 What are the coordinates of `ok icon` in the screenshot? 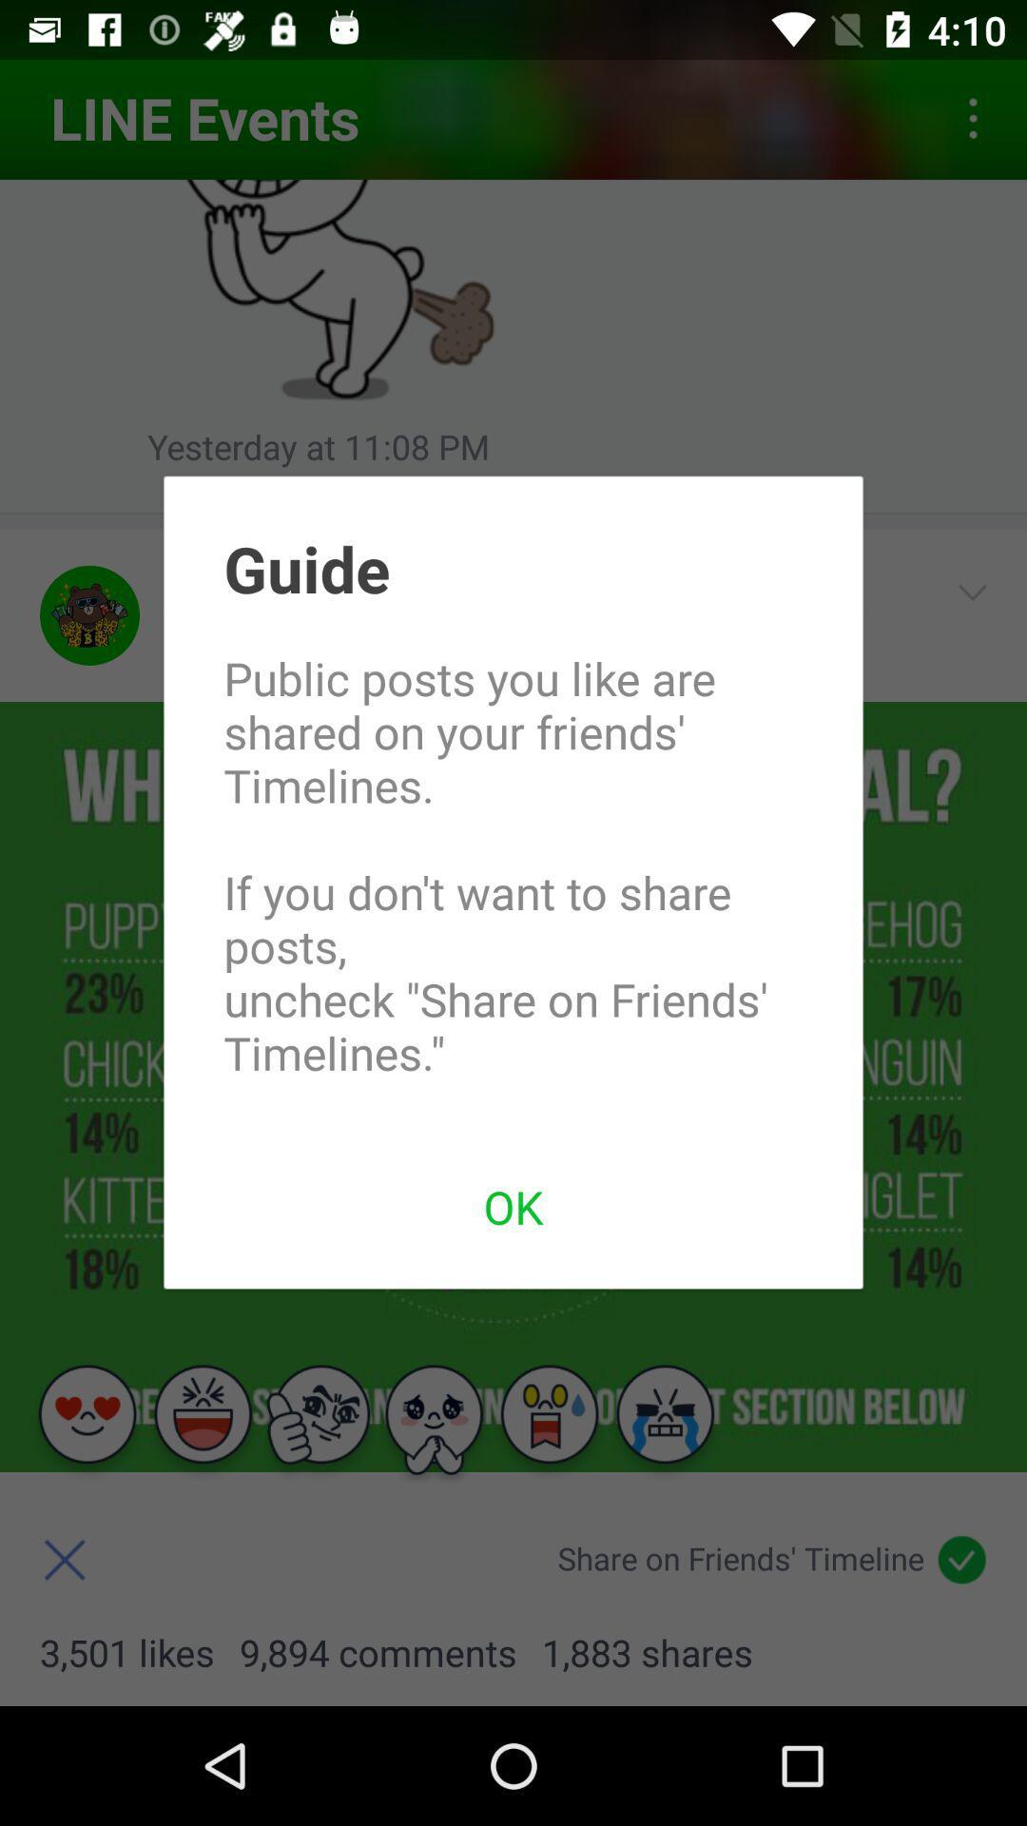 It's located at (513, 1205).